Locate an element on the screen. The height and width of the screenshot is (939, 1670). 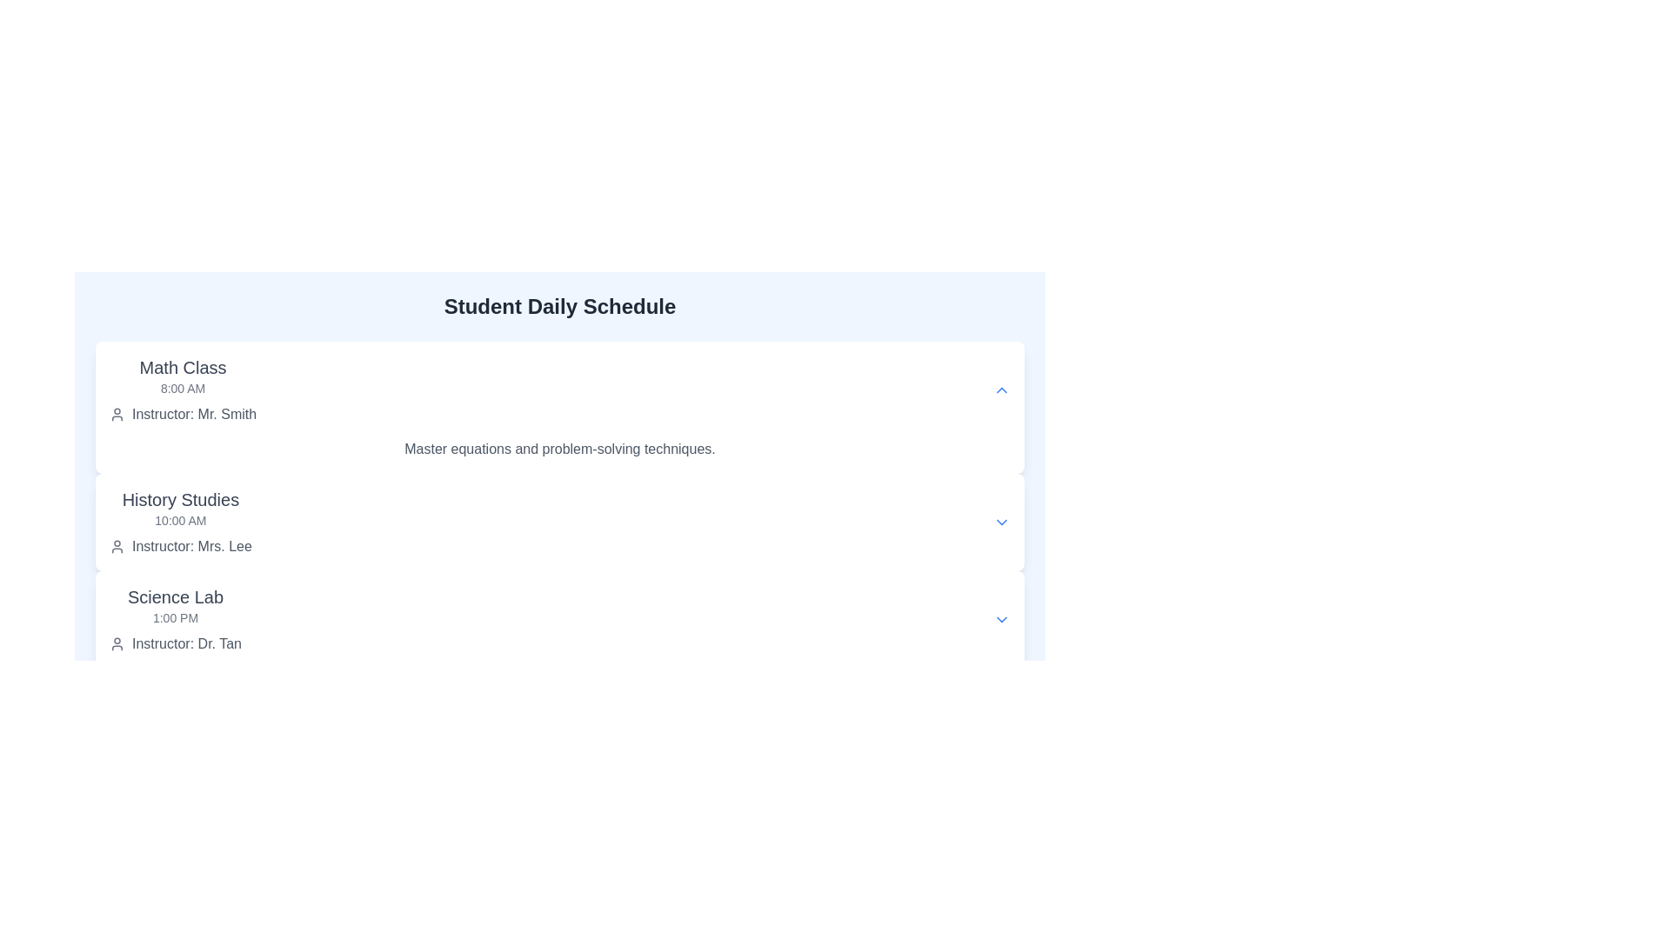
the timestamp label '8:00 AM' which is styled with smaller gray text and located below the title 'Math Class' is located at coordinates (183, 388).